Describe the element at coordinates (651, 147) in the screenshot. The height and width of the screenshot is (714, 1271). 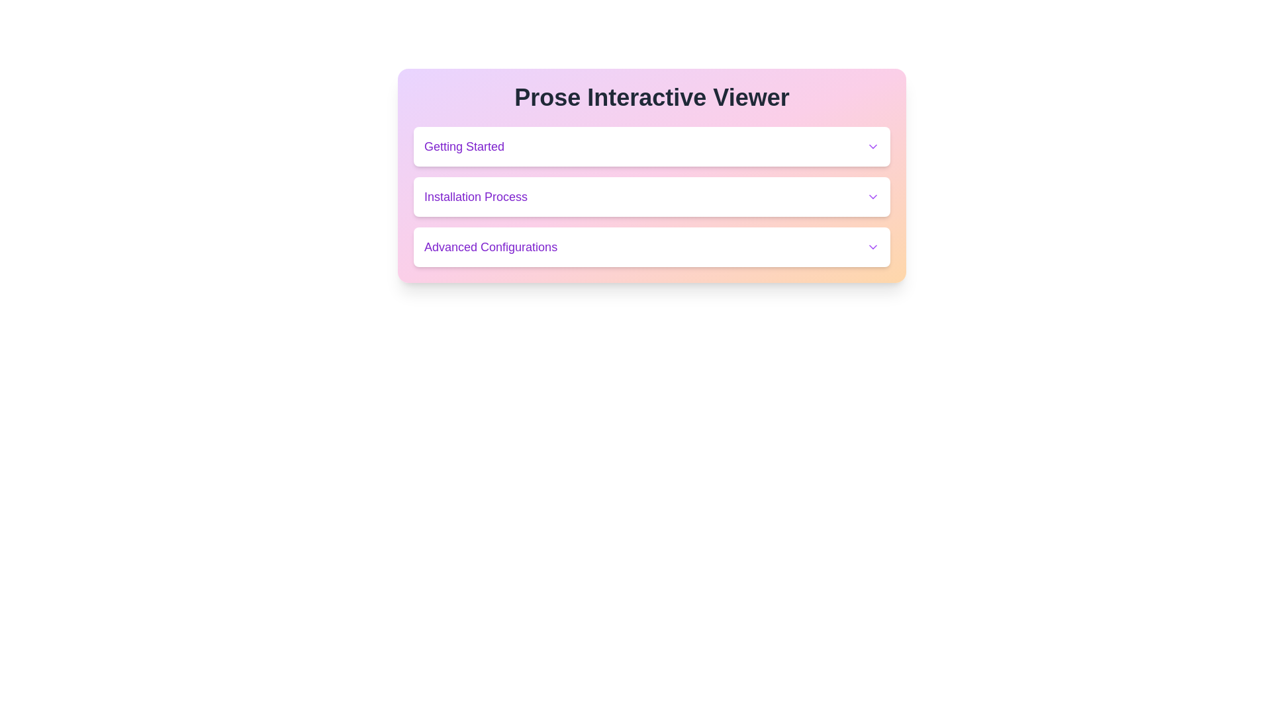
I see `the dropdown button located in the uppermost section of the stacked layout` at that location.